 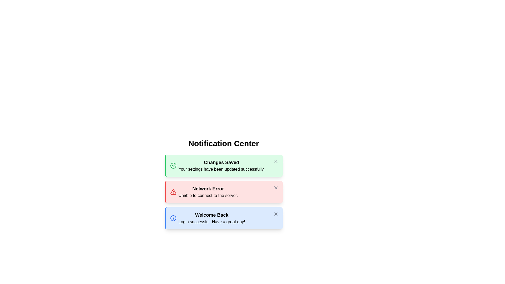 What do you see at coordinates (224, 192) in the screenshot?
I see `error details from the middle notification alert box that indicates a network connection error in the Notification Center` at bounding box center [224, 192].